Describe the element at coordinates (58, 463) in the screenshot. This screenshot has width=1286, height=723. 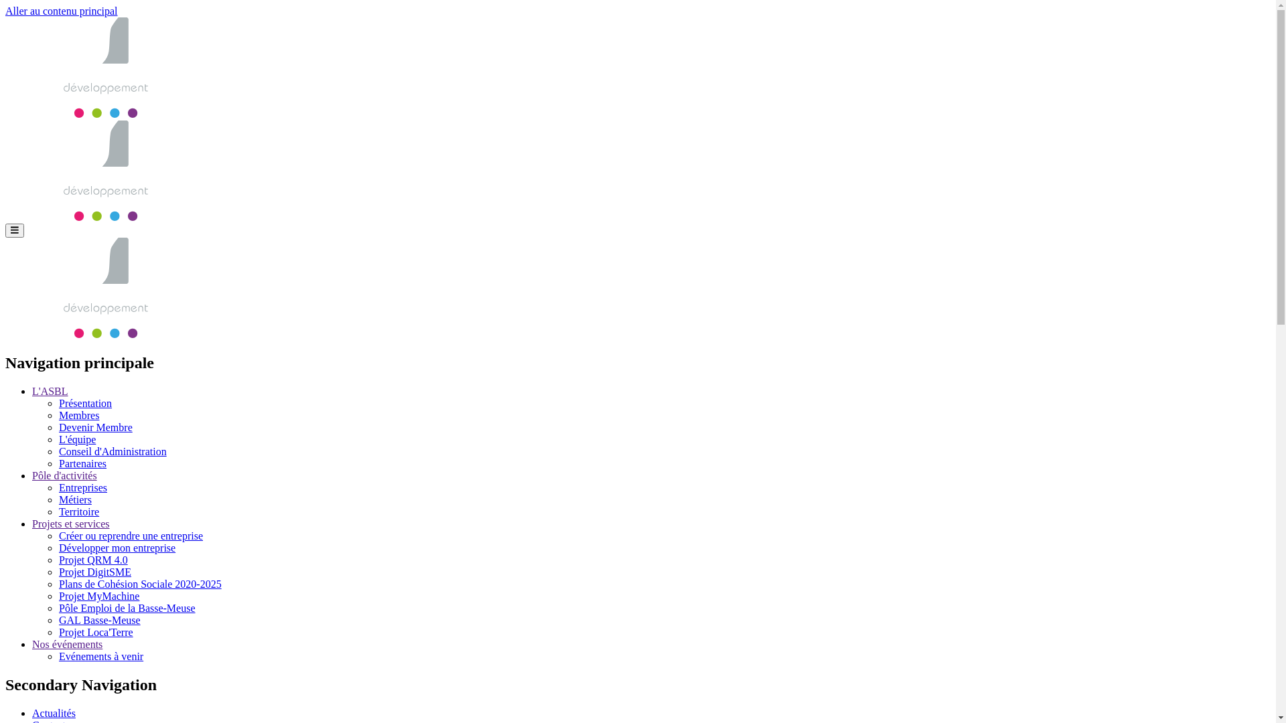
I see `'Partenaires'` at that location.